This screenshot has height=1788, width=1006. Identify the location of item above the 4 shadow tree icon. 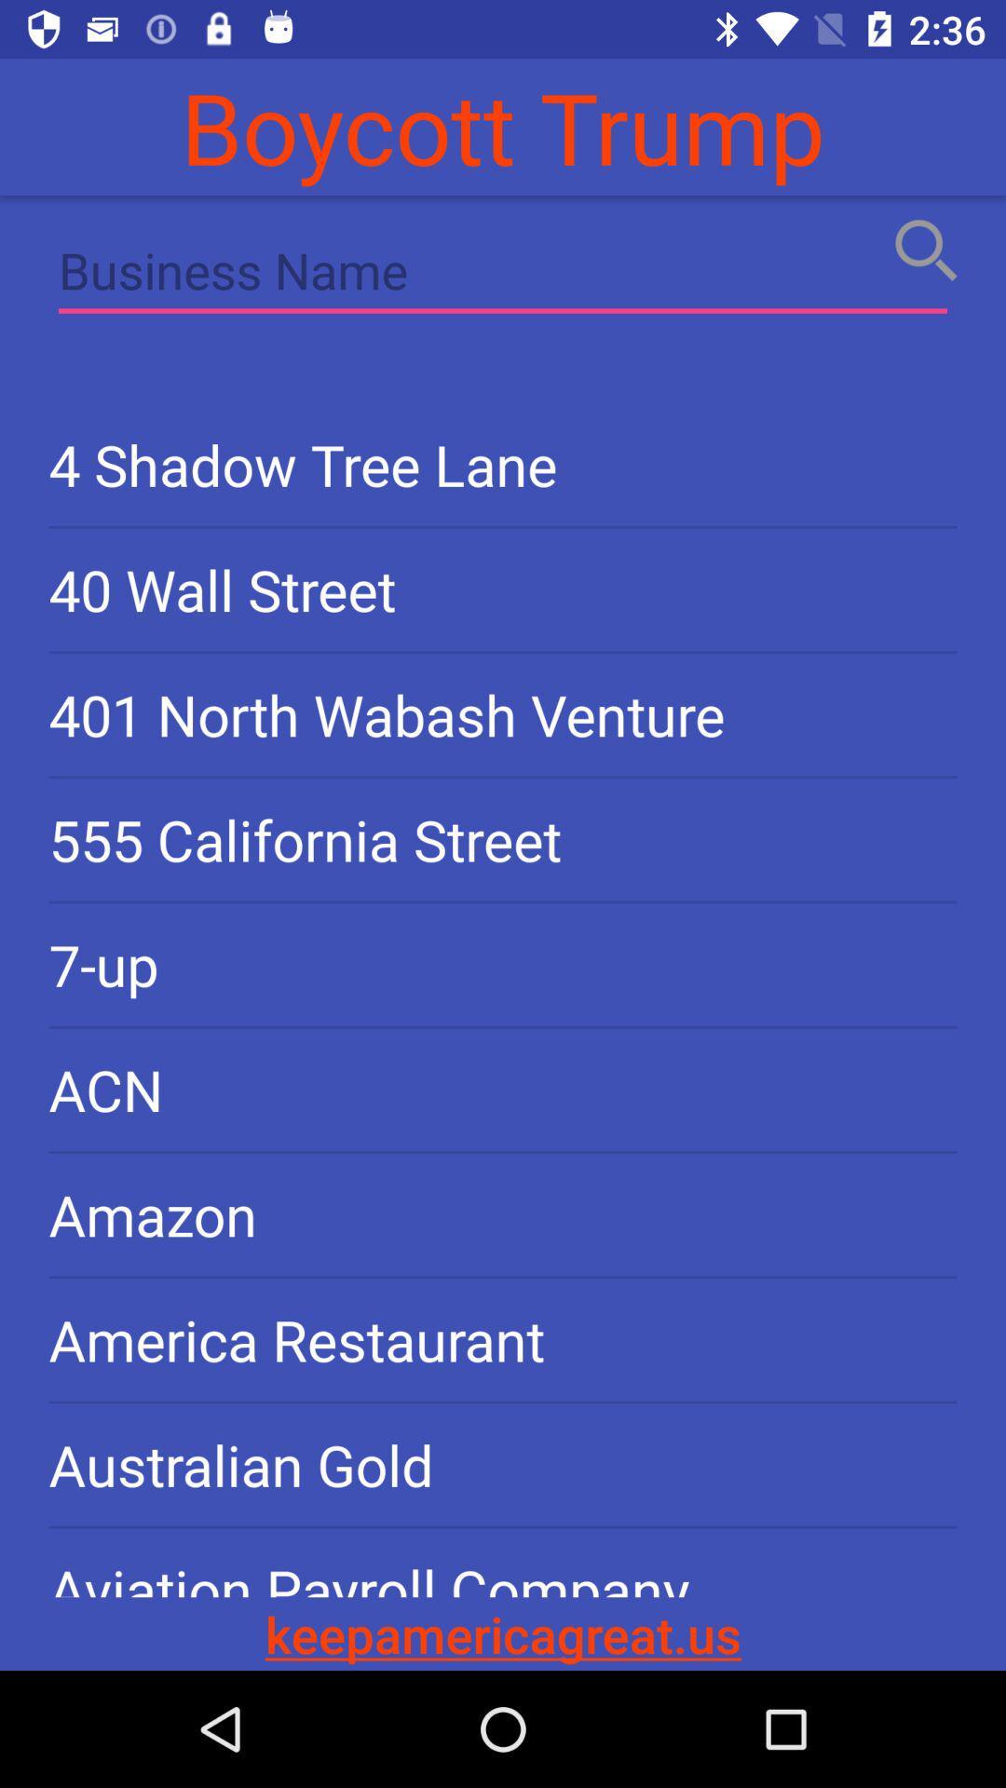
(503, 274).